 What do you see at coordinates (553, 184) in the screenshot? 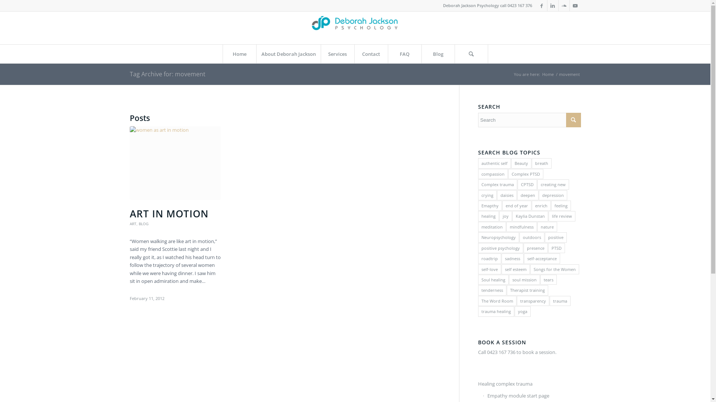
I see `'creating new'` at bounding box center [553, 184].